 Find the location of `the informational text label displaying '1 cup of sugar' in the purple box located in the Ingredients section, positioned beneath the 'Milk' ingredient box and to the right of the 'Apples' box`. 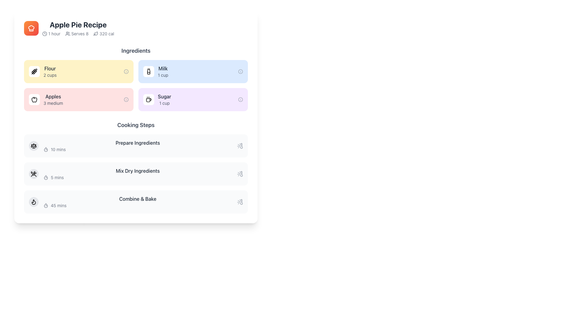

the informational text label displaying '1 cup of sugar' in the purple box located in the Ingredients section, positioned beneath the 'Milk' ingredient box and to the right of the 'Apples' box is located at coordinates (164, 99).